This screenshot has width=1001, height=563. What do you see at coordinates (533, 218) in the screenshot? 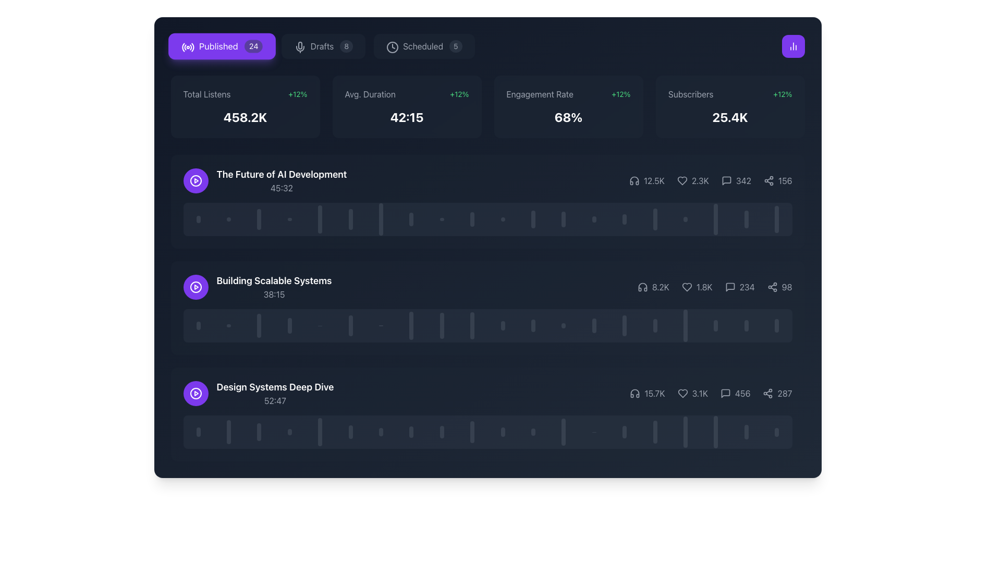
I see `the 12th vertical rectangle of the progress indicator segments, which is semi-transparent and located in the middle row of the interface regarding 'The Future of AI Development'` at bounding box center [533, 218].